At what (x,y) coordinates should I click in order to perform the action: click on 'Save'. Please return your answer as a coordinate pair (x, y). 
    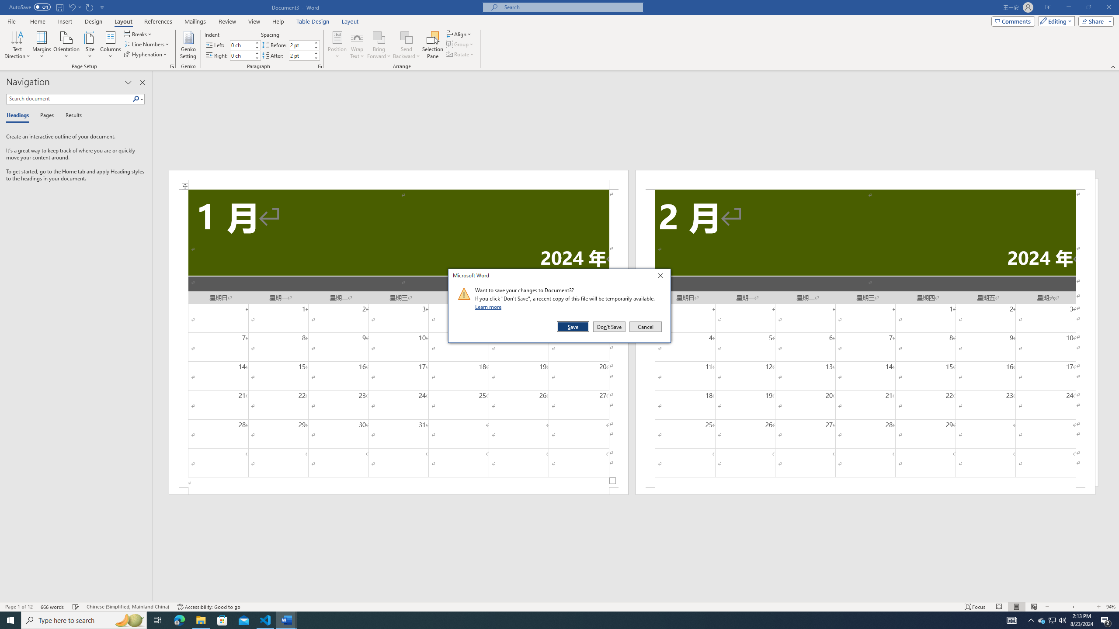
    Looking at the image, I should click on (573, 326).